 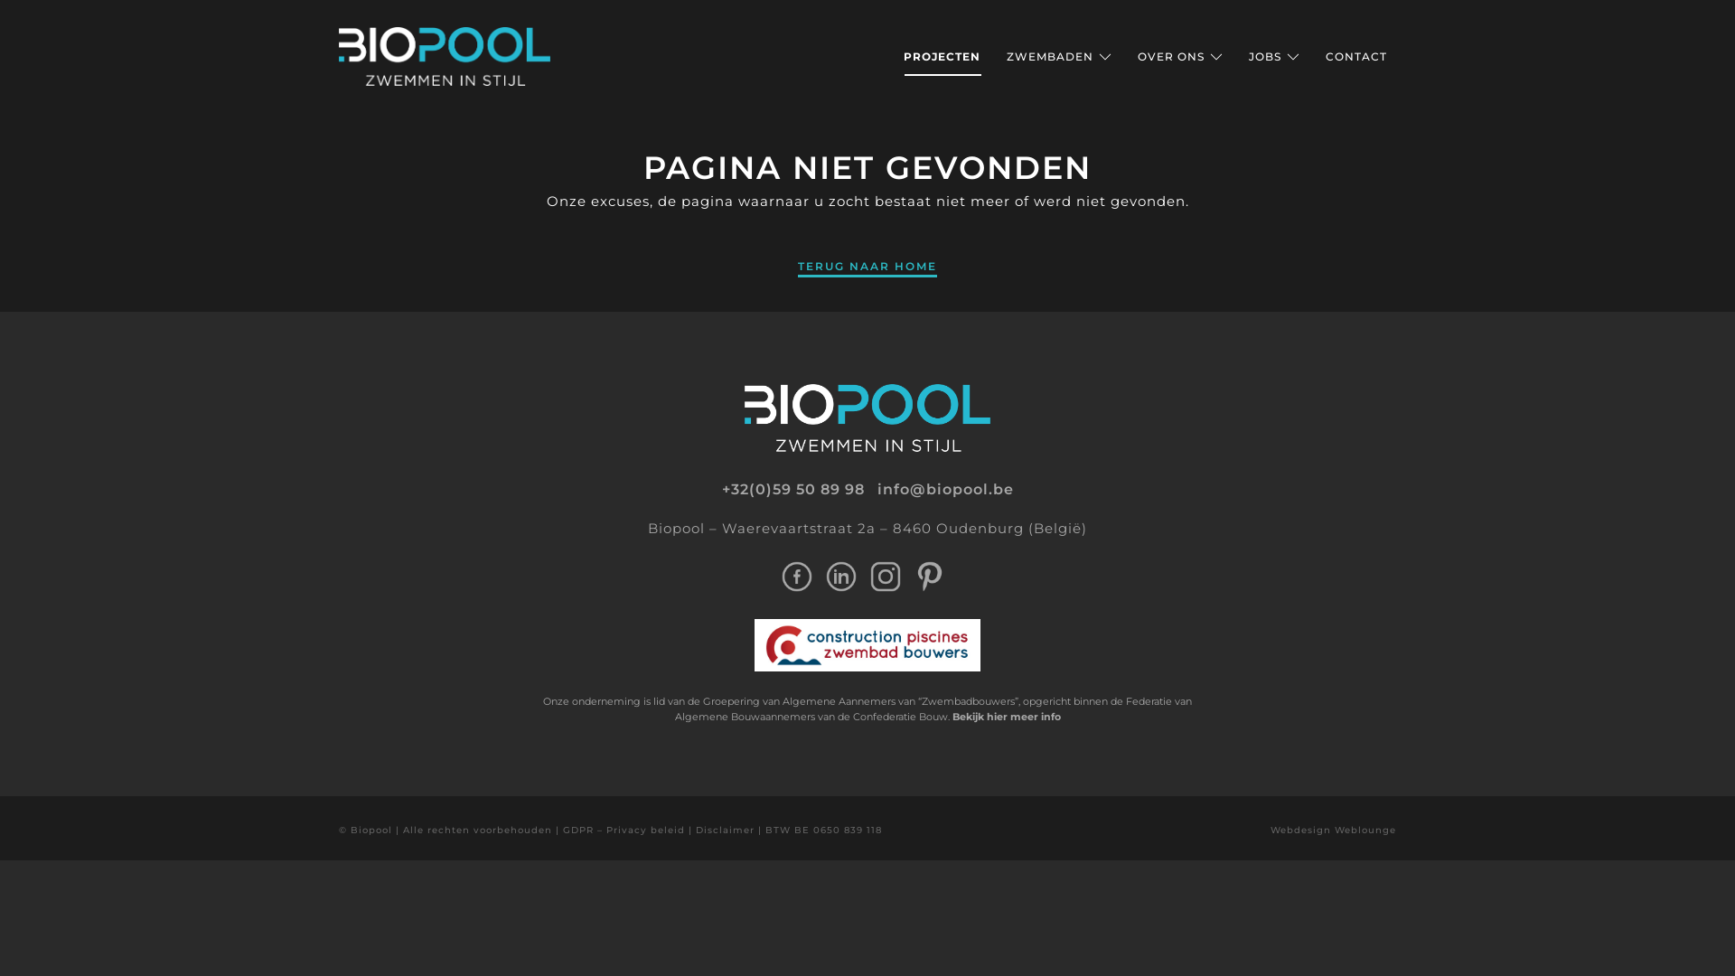 I want to click on 'Volg Biopool op Instagram', so click(x=885, y=575).